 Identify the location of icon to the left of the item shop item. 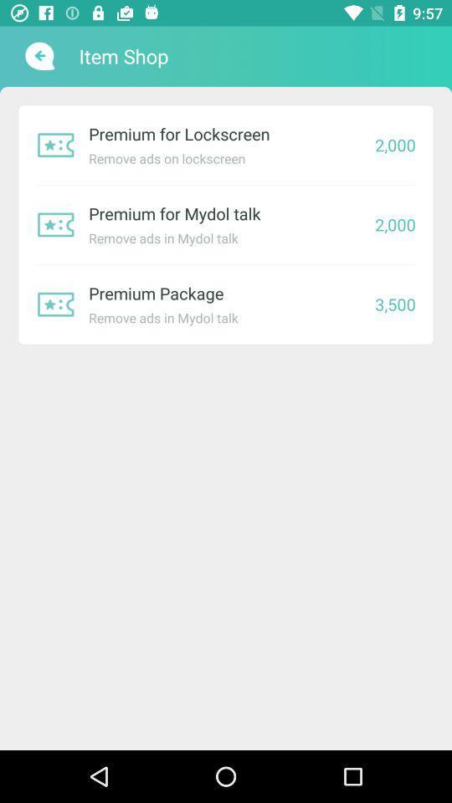
(38, 56).